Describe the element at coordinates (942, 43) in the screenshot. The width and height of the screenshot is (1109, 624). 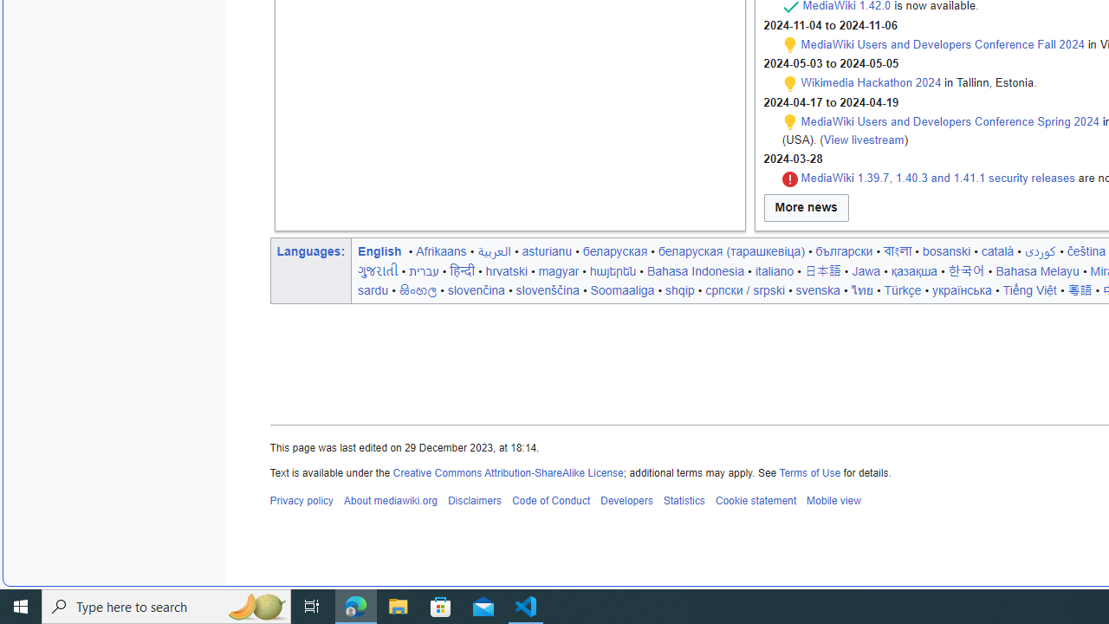
I see `'MediaWiki Users and Developers Conference Fall 2024'` at that location.